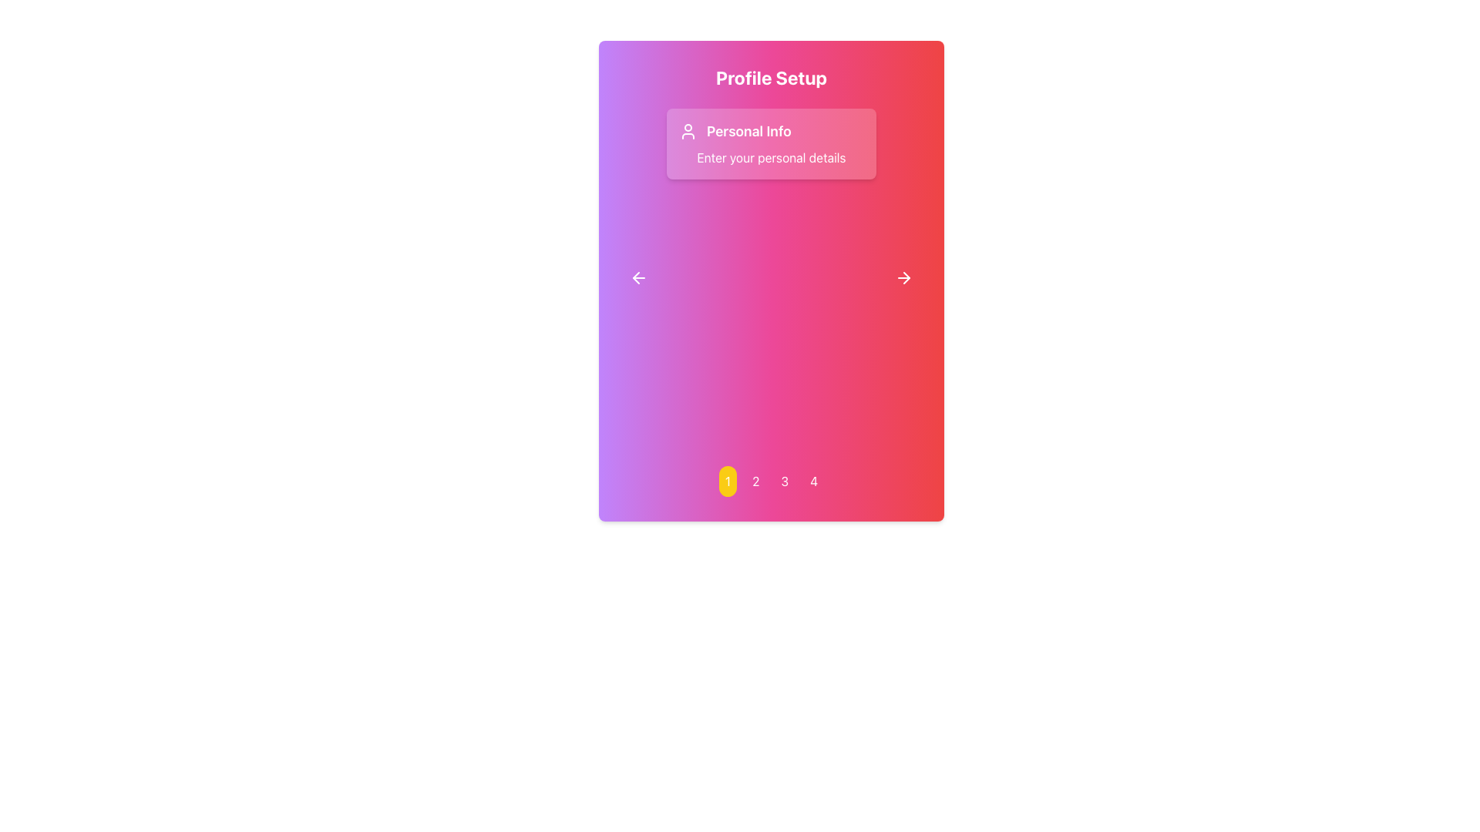 The height and width of the screenshot is (832, 1480). What do you see at coordinates (772, 77) in the screenshot?
I see `the header text element that serves as the title for the 'Profile Setup' process, which is located at the top center of a rectangular gradient-colored box` at bounding box center [772, 77].